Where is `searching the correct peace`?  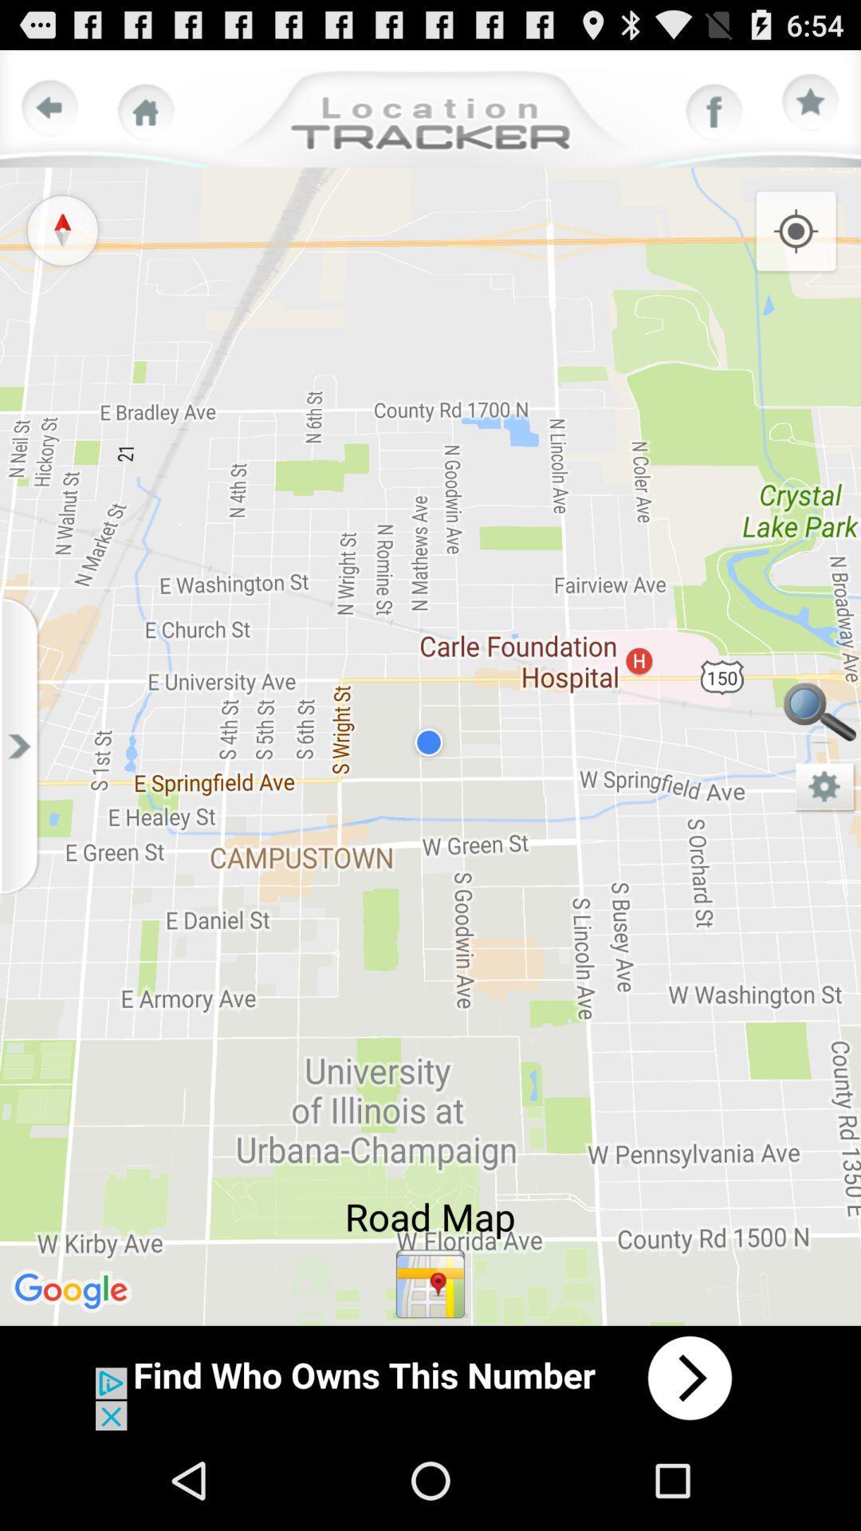
searching the correct peace is located at coordinates (819, 714).